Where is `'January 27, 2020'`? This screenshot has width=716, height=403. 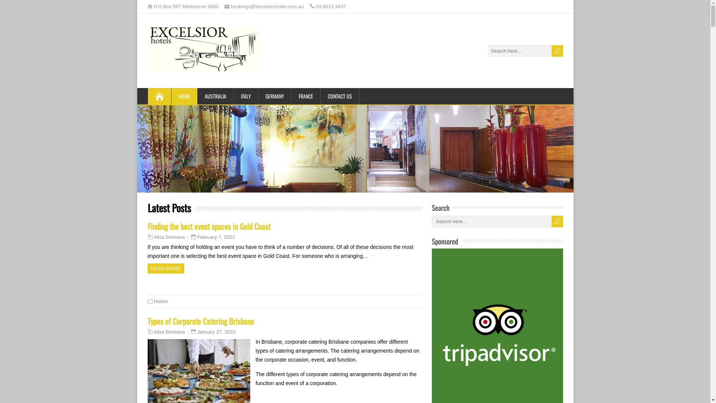 'January 27, 2020' is located at coordinates (216, 331).